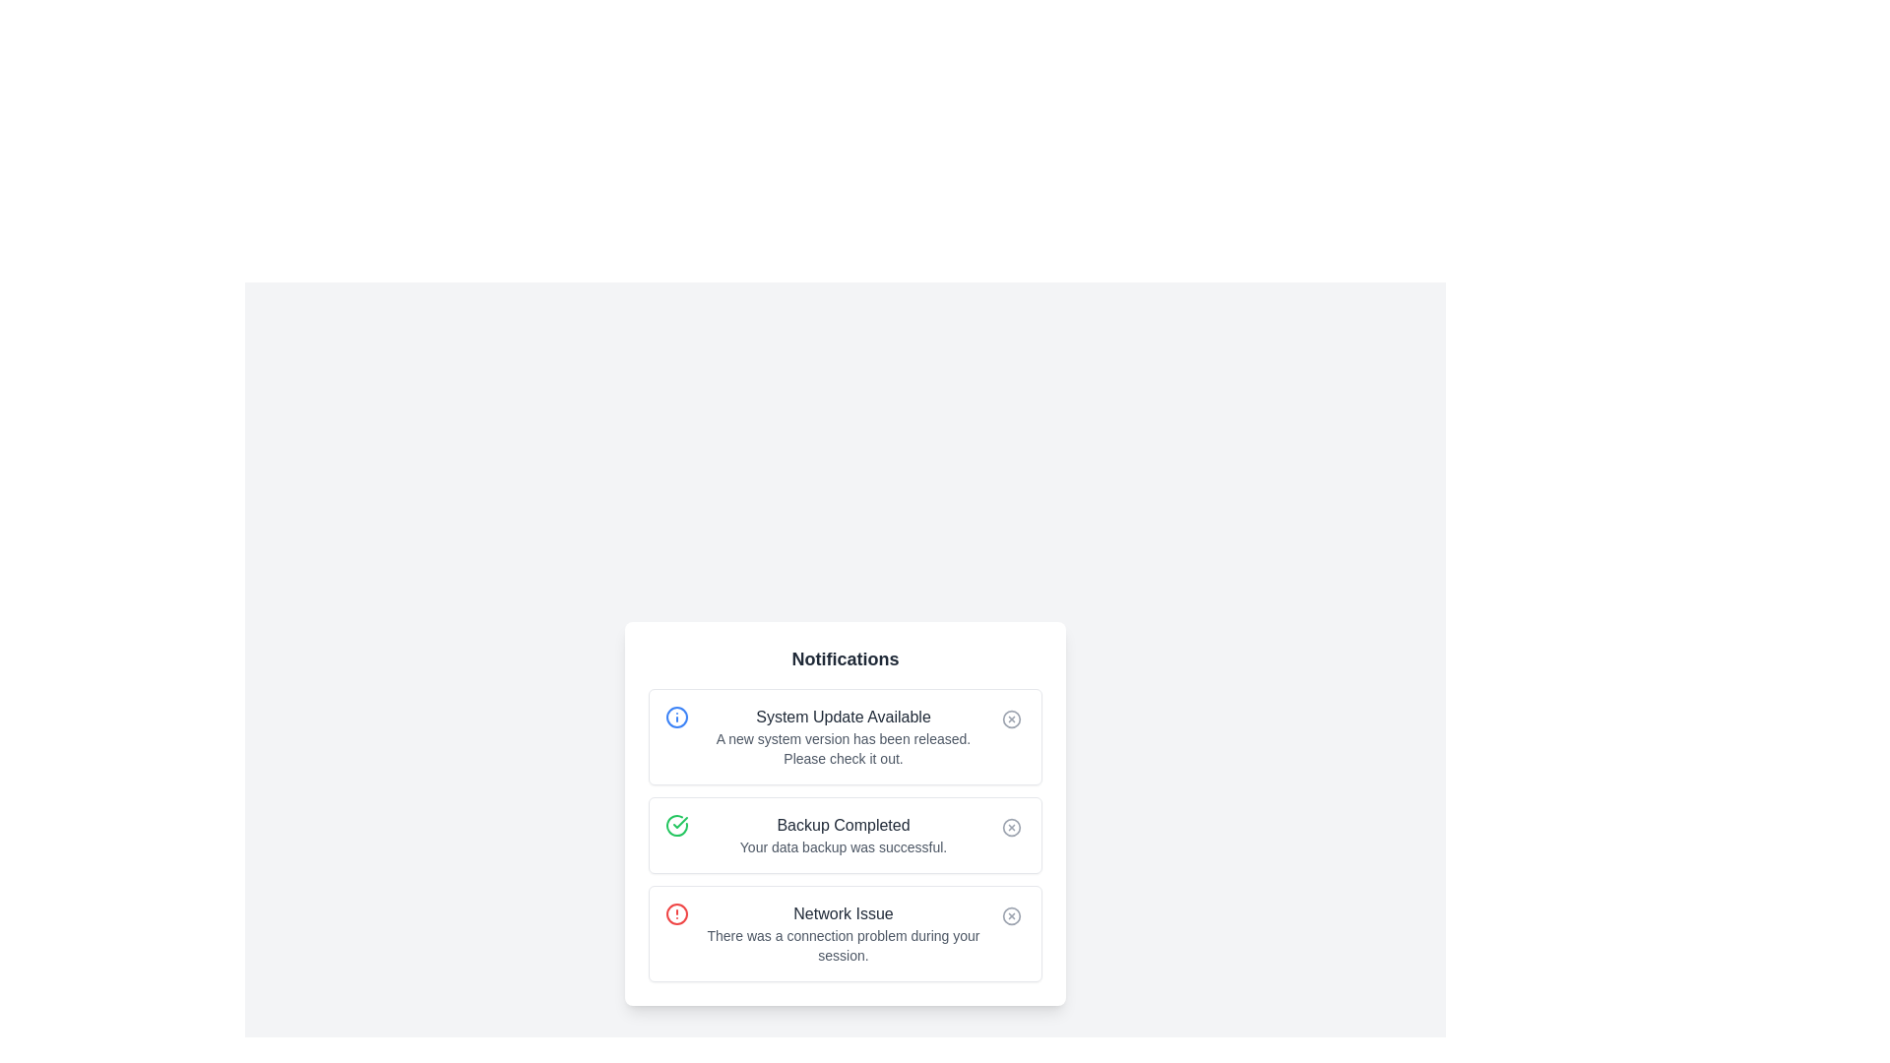  Describe the element at coordinates (1011, 915) in the screenshot. I see `the SVG circle element that is part of the graphical icon on the right side of the 'Network Issue' notification in the Notifications section` at that location.